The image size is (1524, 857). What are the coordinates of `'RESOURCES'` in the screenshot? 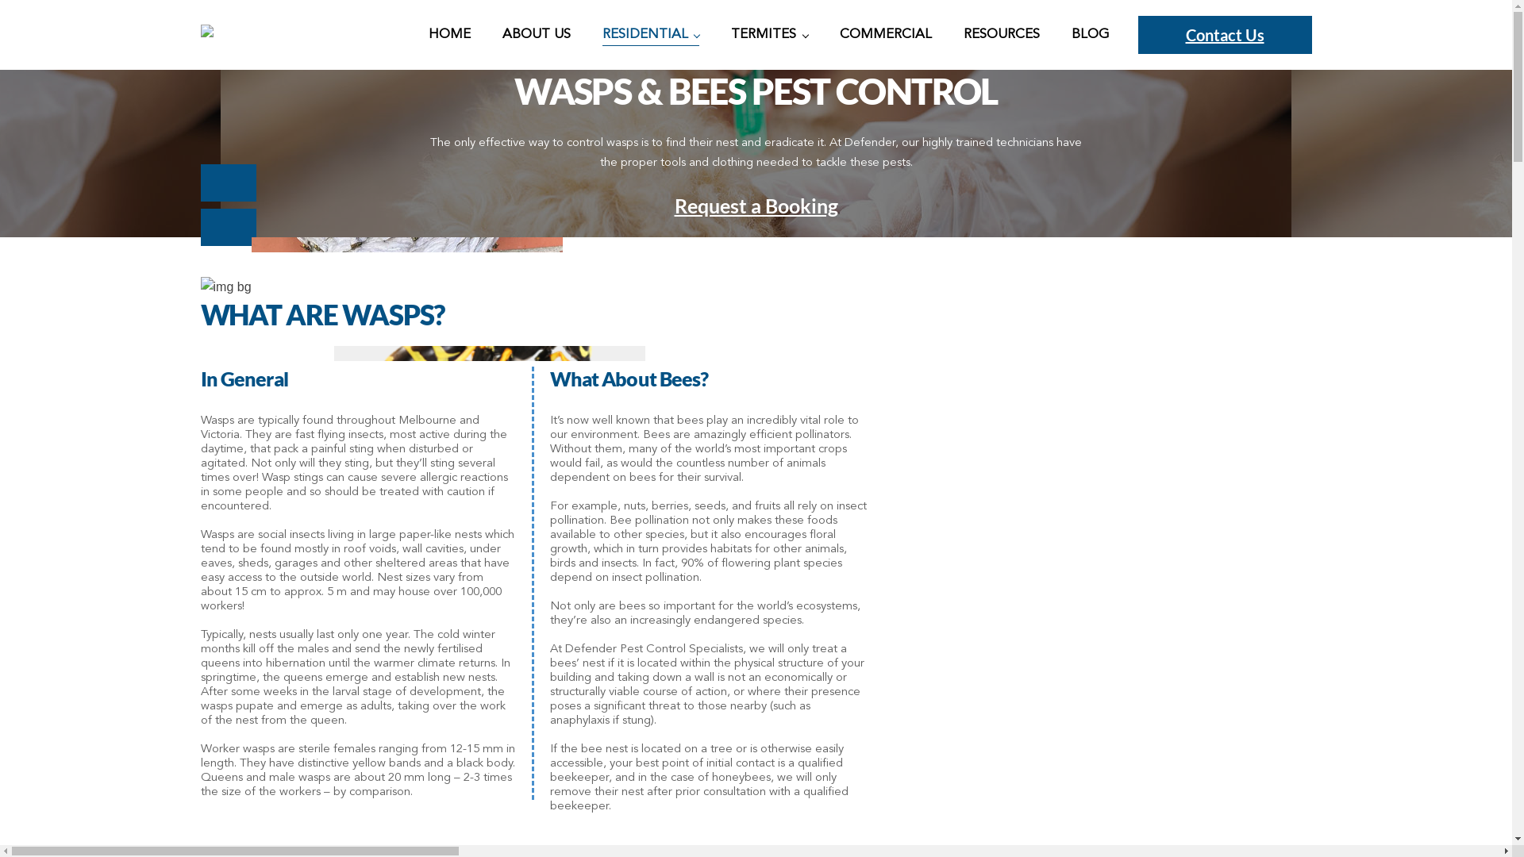 It's located at (1001, 34).